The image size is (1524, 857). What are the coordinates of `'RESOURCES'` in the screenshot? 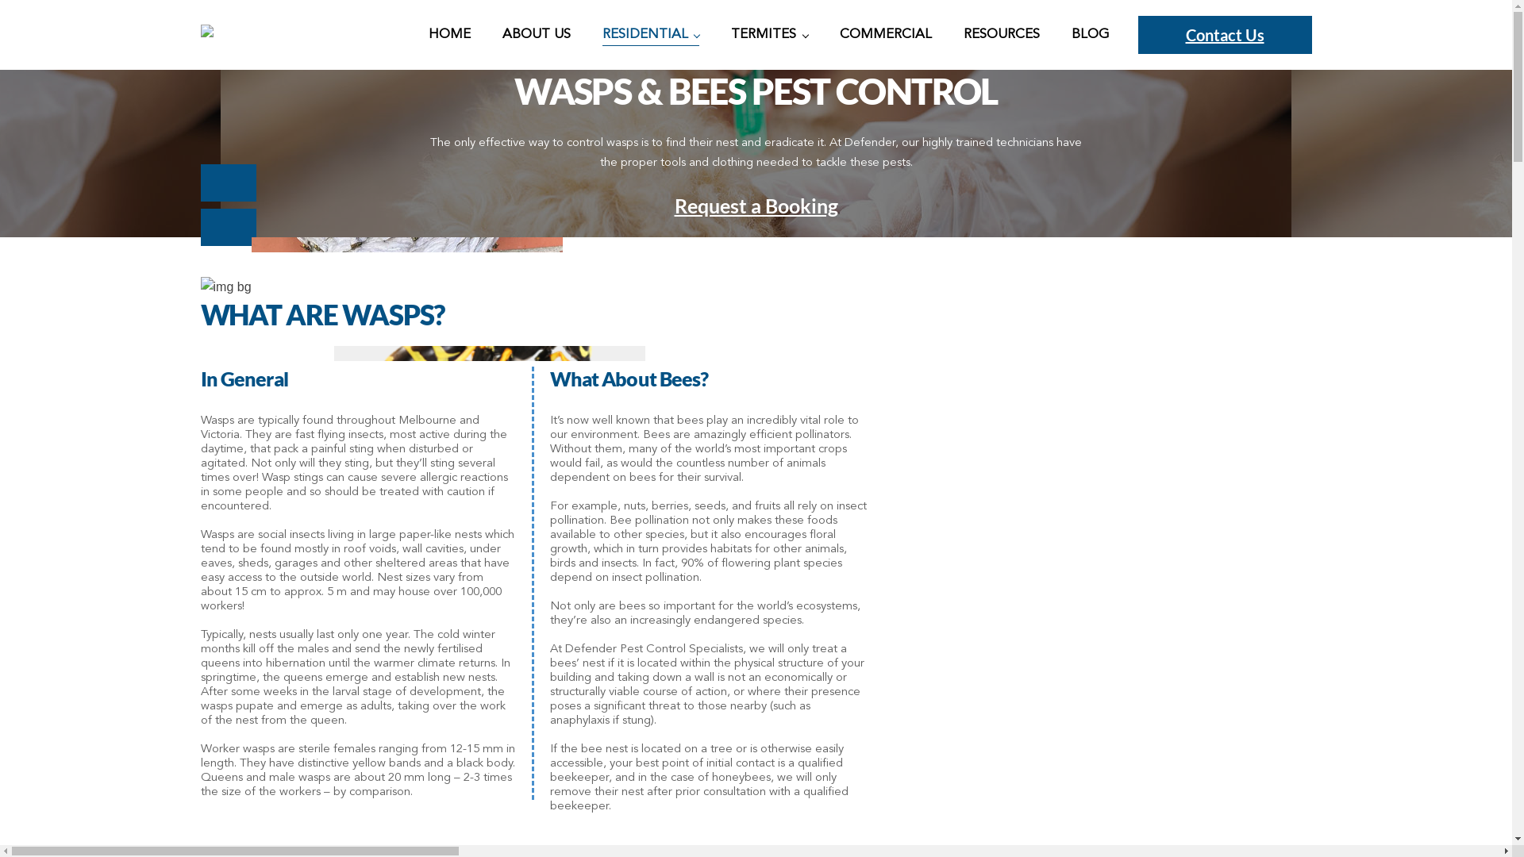 It's located at (1001, 34).